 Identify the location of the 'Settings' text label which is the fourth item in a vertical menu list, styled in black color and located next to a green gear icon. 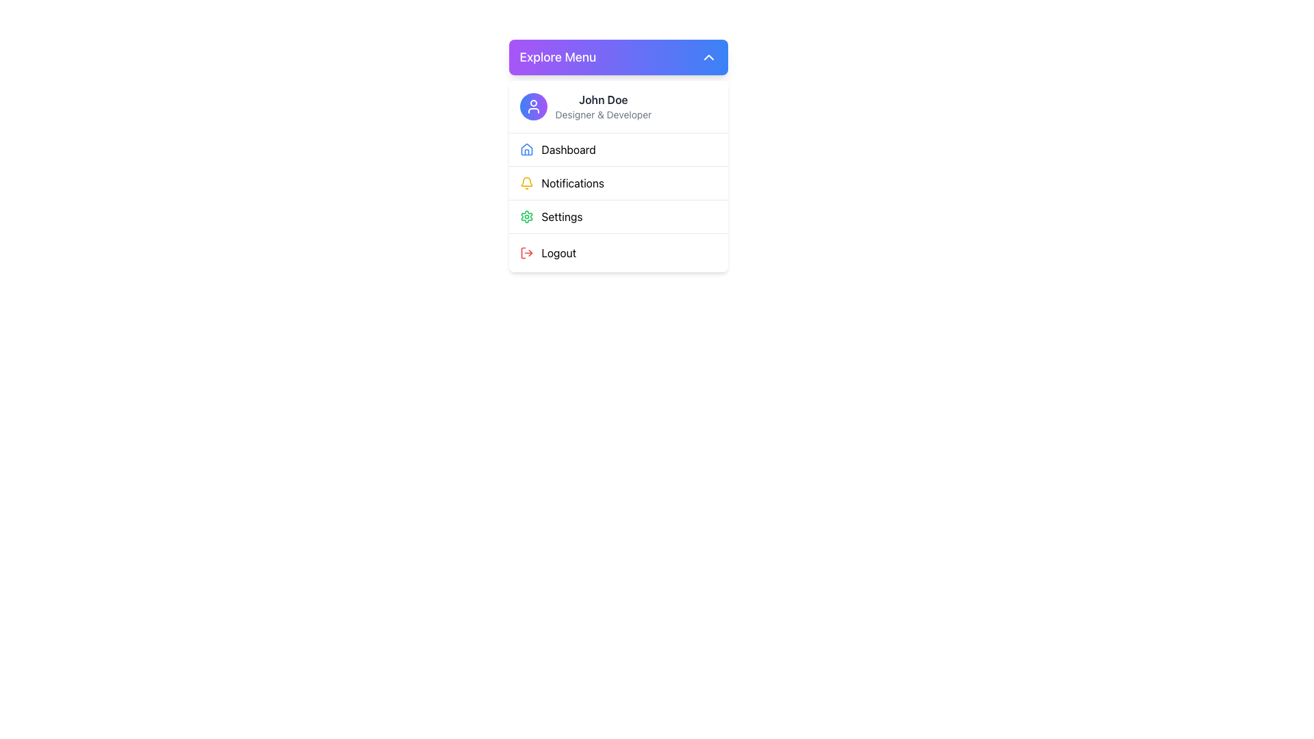
(562, 216).